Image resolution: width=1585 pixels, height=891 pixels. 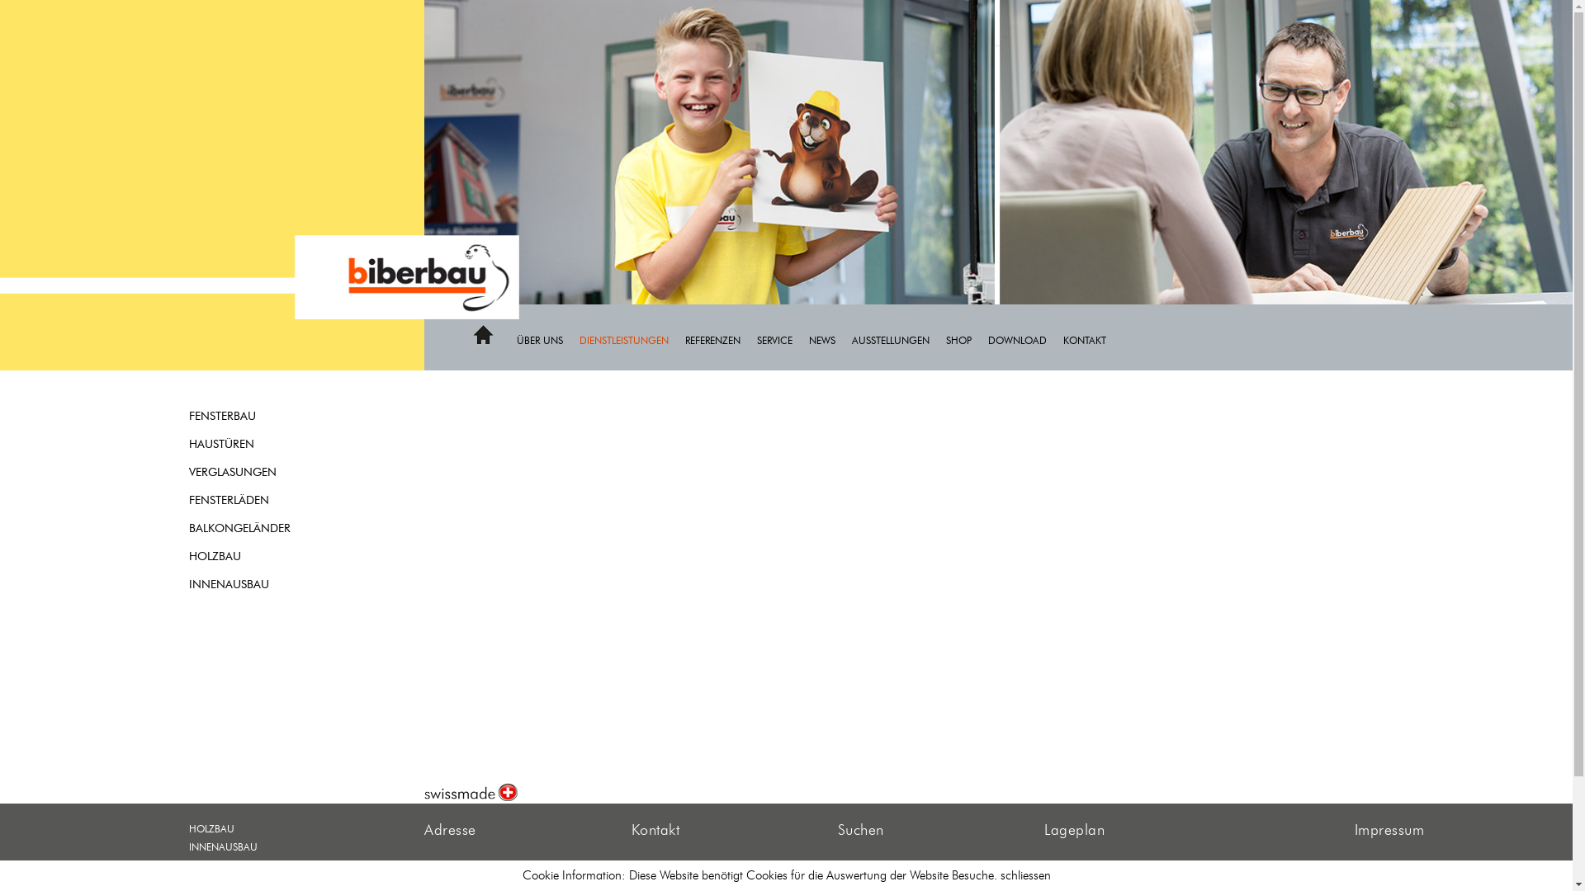 What do you see at coordinates (189, 473) in the screenshot?
I see `'VERGLASUNGEN'` at bounding box center [189, 473].